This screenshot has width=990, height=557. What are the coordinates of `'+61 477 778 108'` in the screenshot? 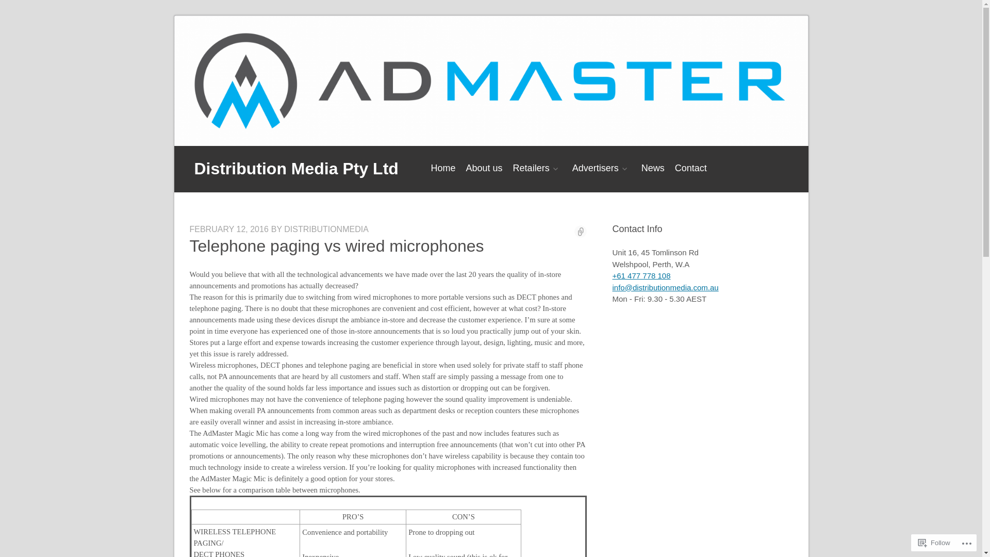 It's located at (641, 275).